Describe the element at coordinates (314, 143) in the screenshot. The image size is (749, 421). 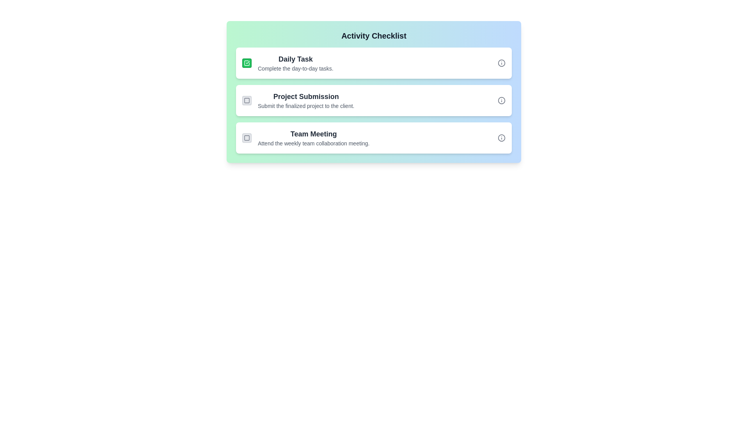
I see `the text element that reads 'Attend the weekly team collaboration meeting.' located below the bold title 'Team Meeting' in the third block of the checklist interface` at that location.